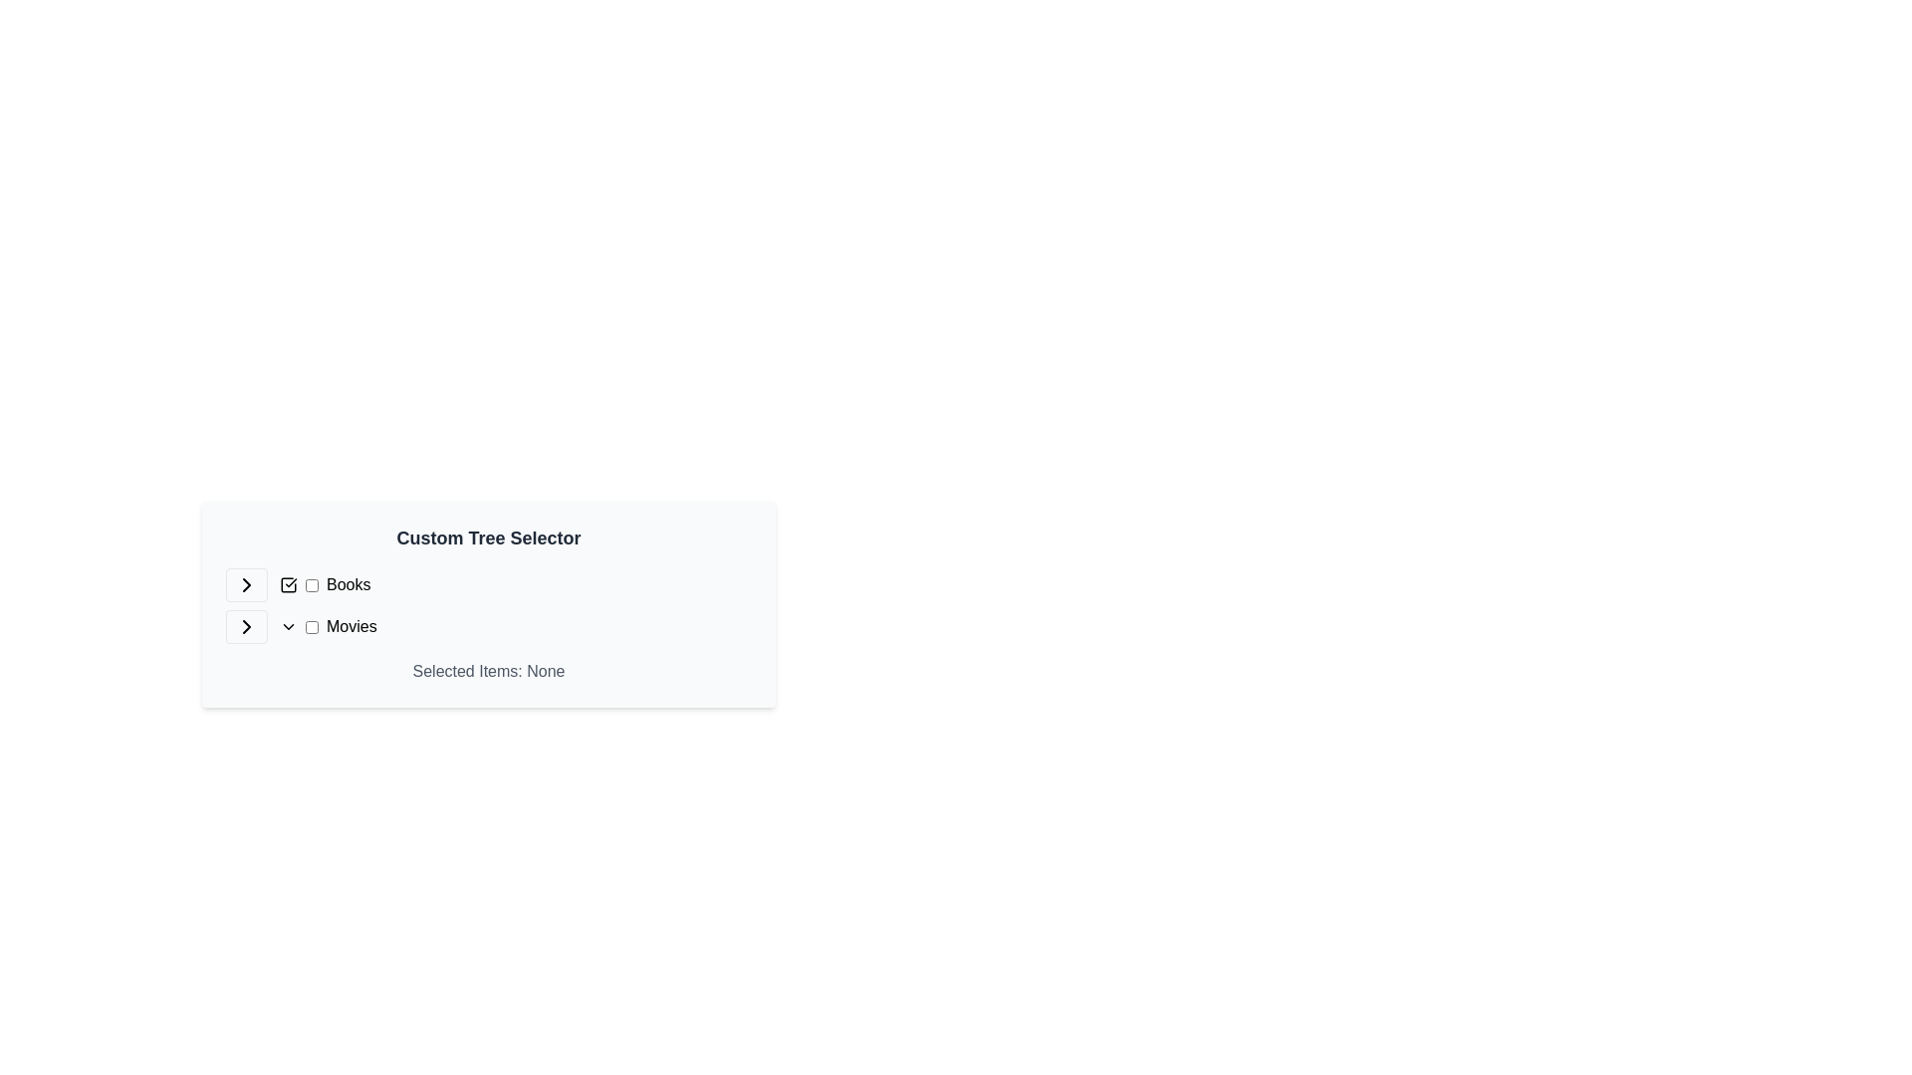 The width and height of the screenshot is (1912, 1075). I want to click on the chevron icon button located to the left of the 'Books' label in the 'Custom Tree Selector' section, so click(246, 583).